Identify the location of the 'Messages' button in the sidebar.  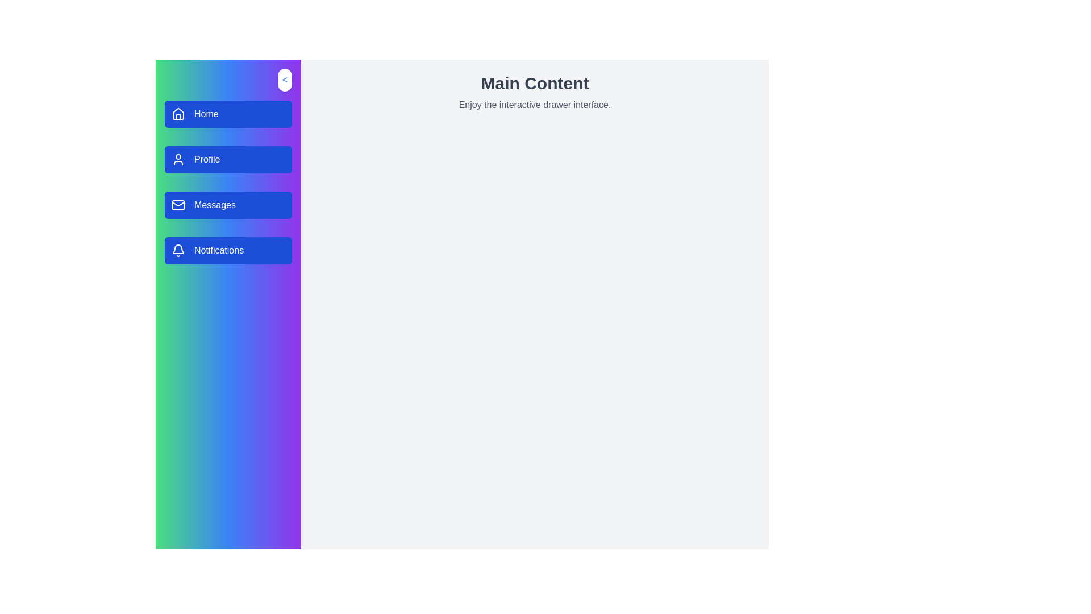
(177, 205).